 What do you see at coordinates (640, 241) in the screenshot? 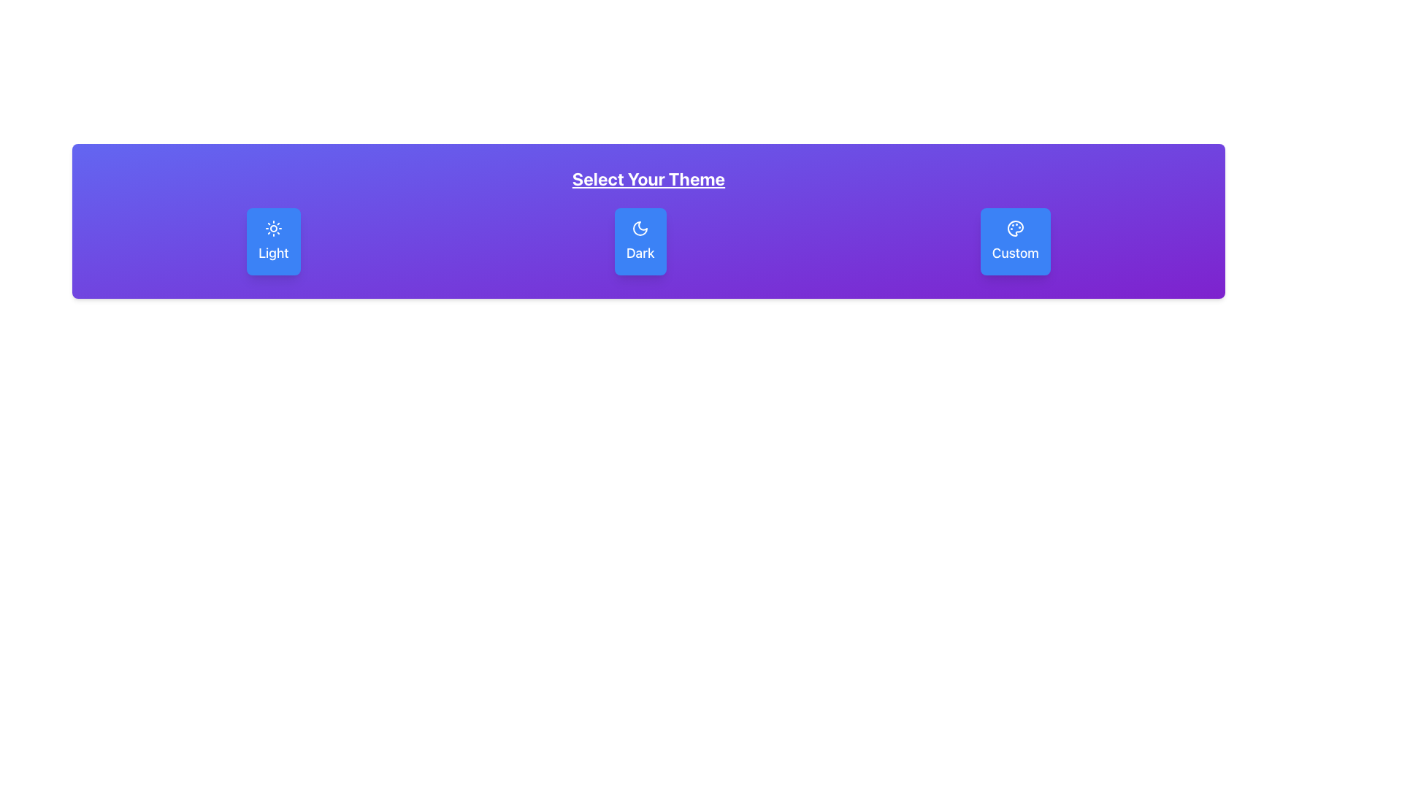
I see `the rectangular button with a blue background, rounded corners, and a crescent moon icon labeled 'Dark'` at bounding box center [640, 241].